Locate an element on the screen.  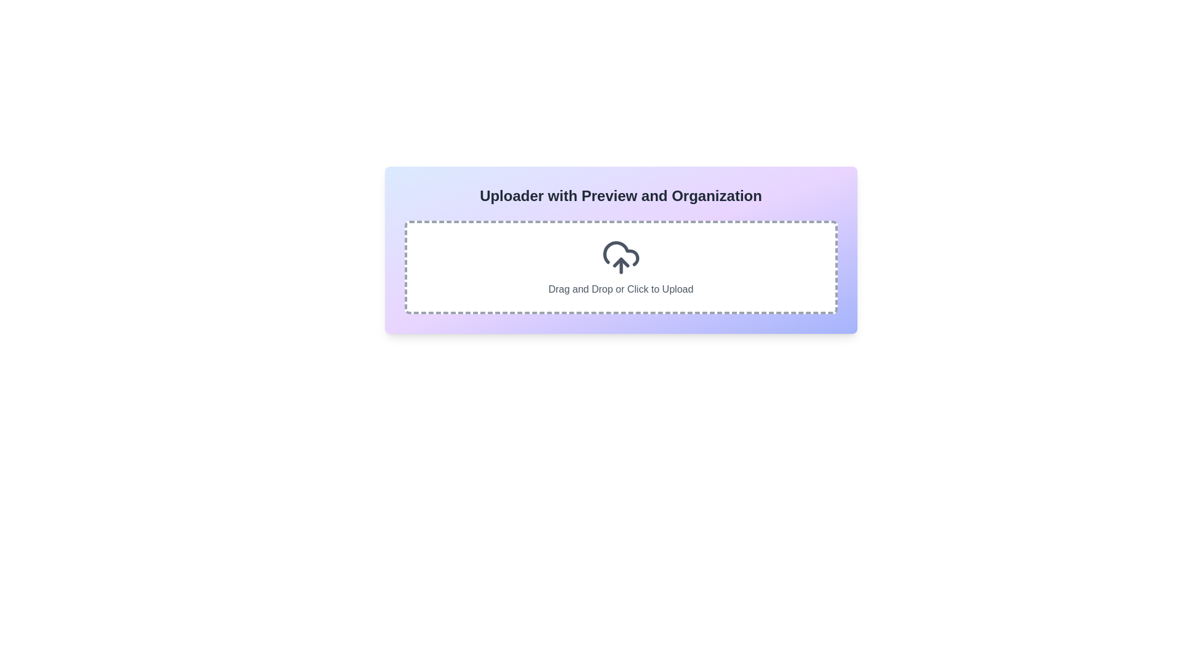
instructional text that says 'Drag and Drop or Click to Upload', which is styled in gray font and located below the cloud upload icon in the file upload interface is located at coordinates (621, 289).